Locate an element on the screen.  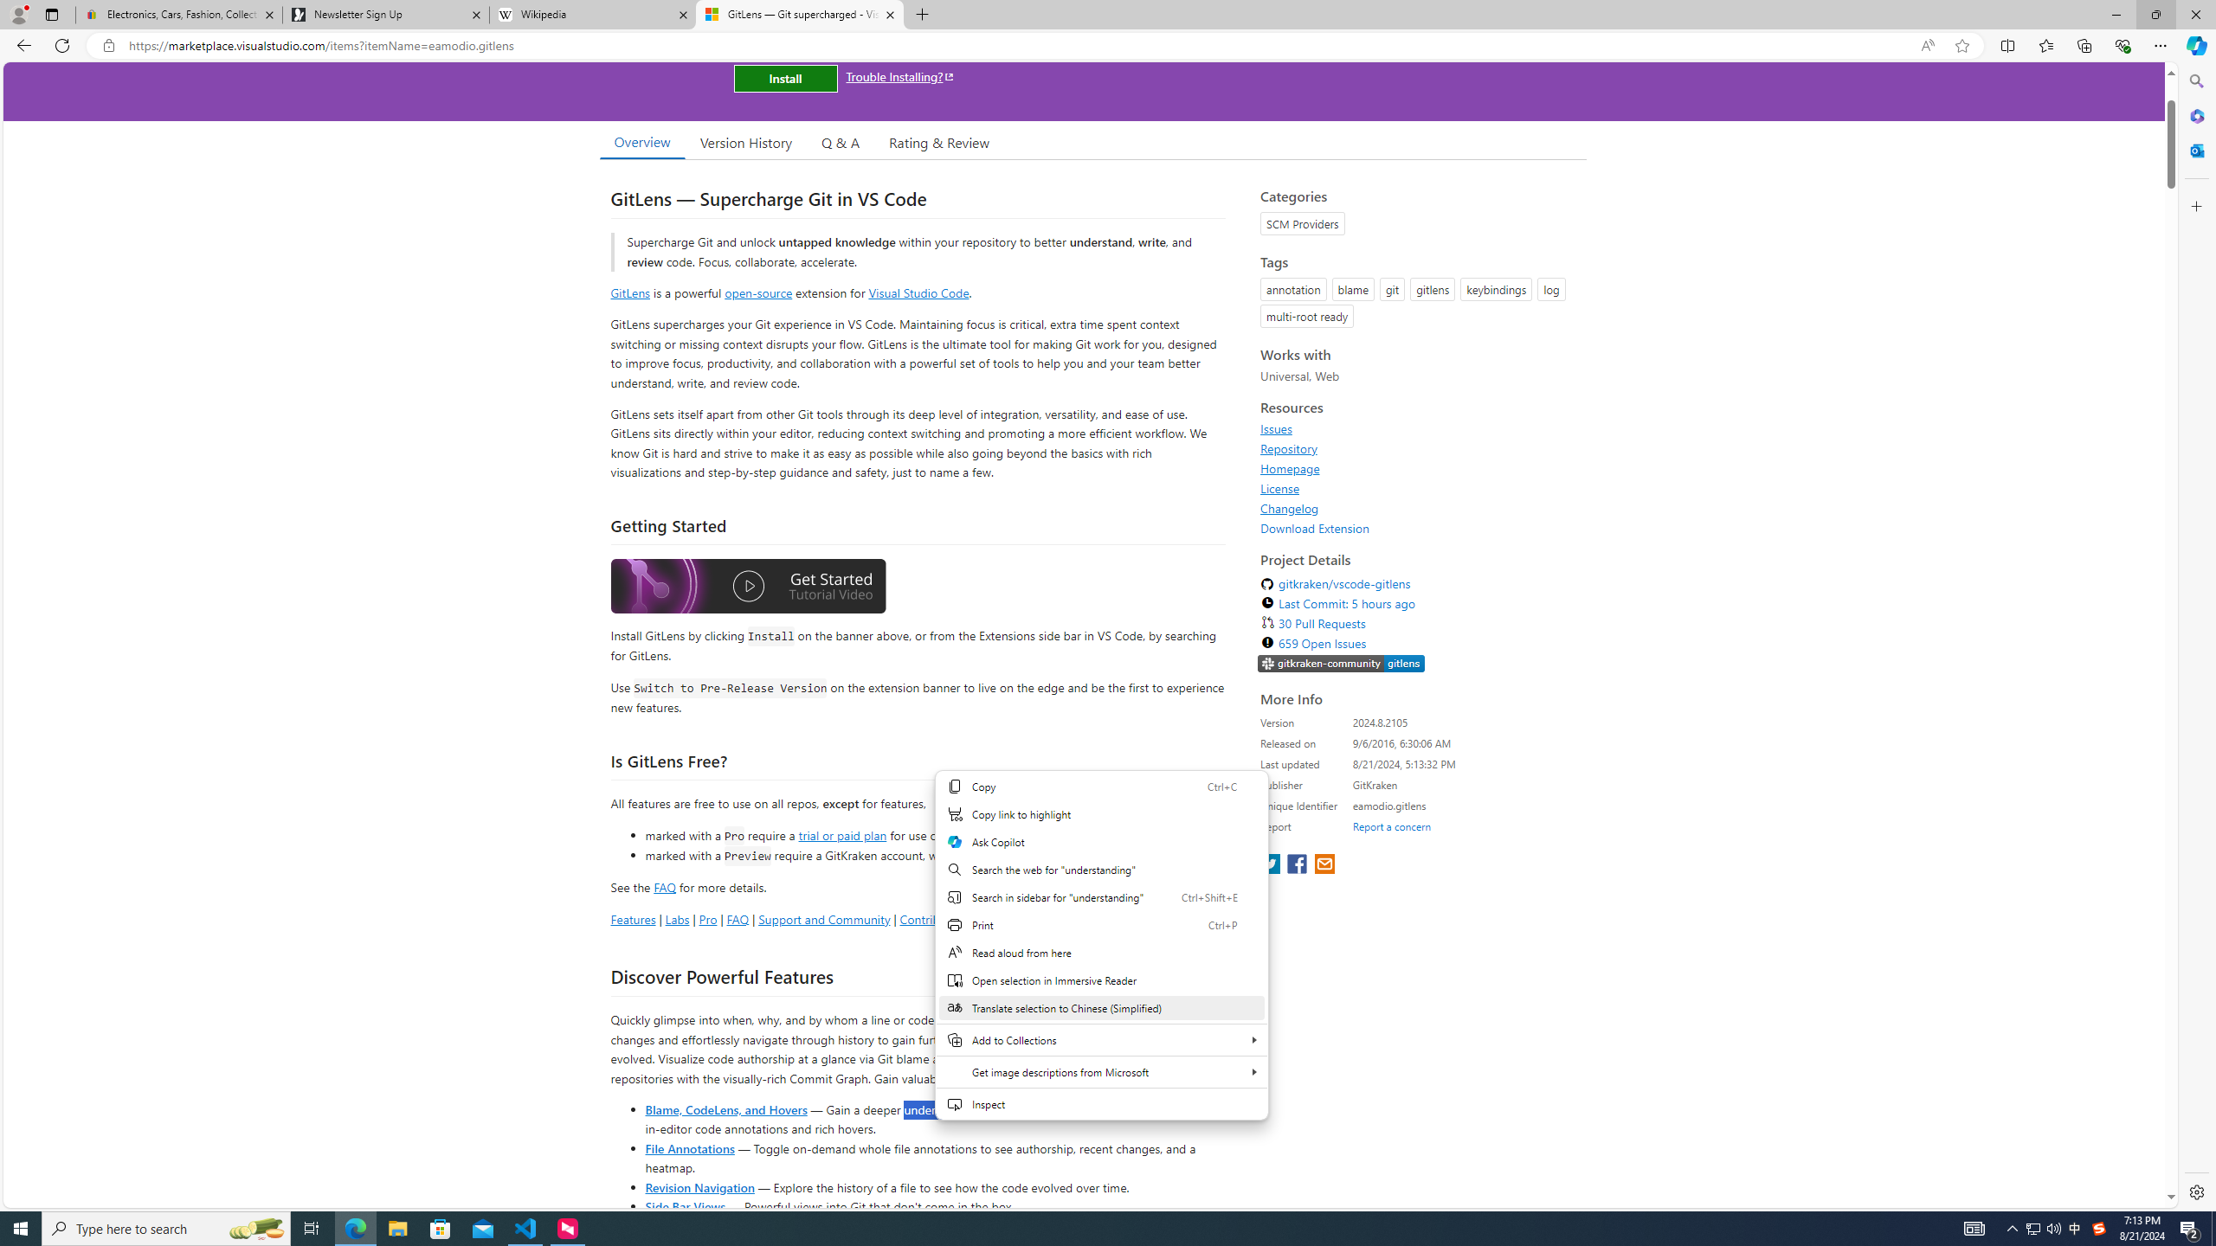
'Download Extension' is located at coordinates (1315, 527).